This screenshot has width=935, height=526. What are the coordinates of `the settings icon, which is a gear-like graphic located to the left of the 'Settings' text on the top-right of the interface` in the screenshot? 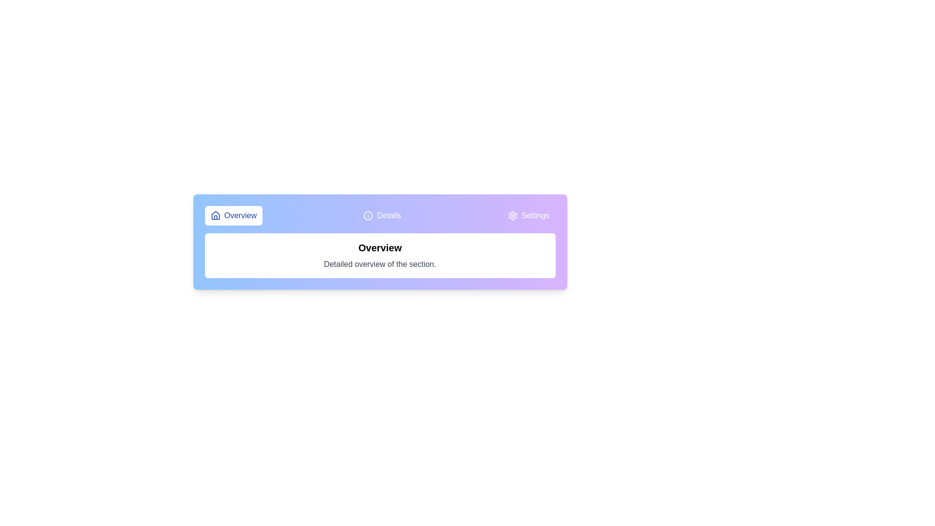 It's located at (512, 215).